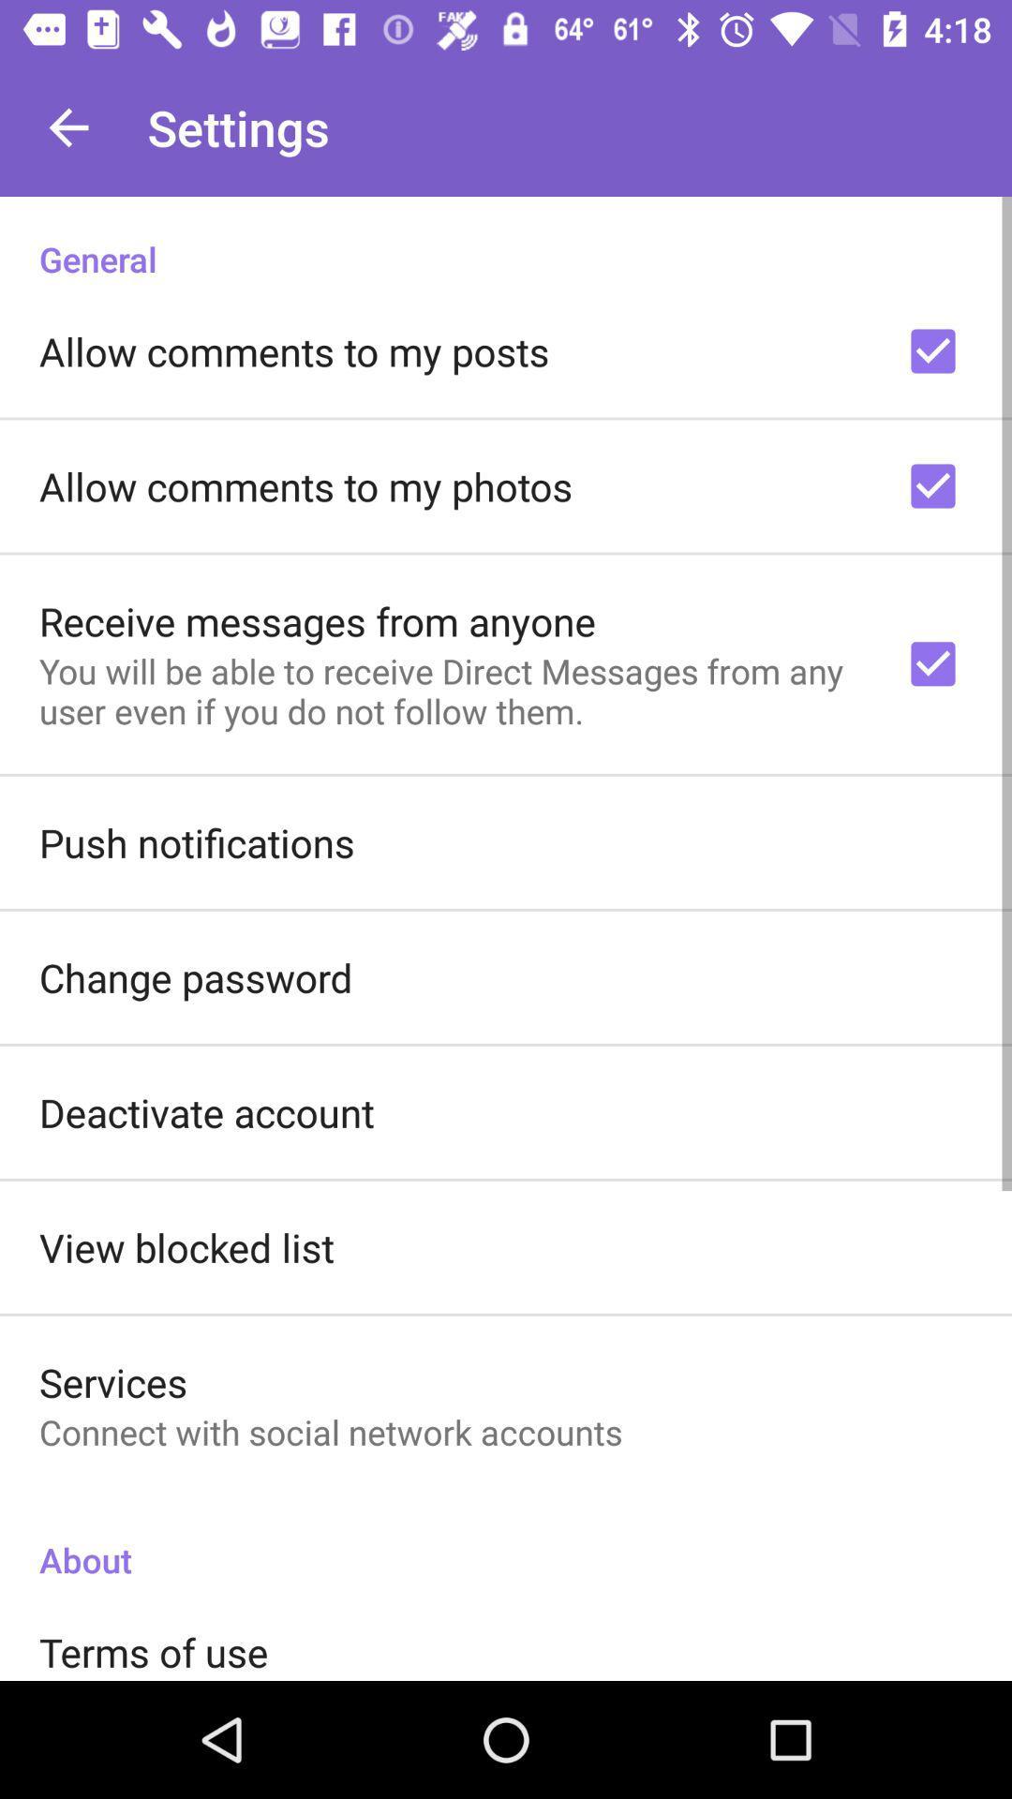 The width and height of the screenshot is (1012, 1799). Describe the element at coordinates (506, 1540) in the screenshot. I see `about item` at that location.